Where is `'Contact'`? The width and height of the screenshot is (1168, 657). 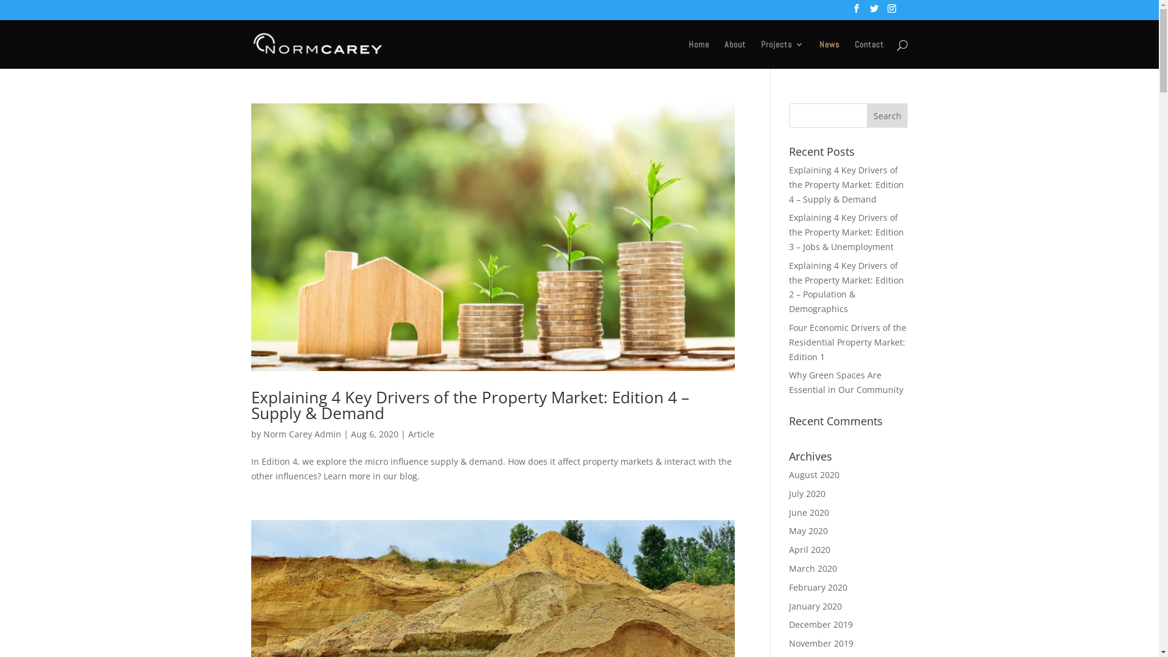
'Contact' is located at coordinates (867, 54).